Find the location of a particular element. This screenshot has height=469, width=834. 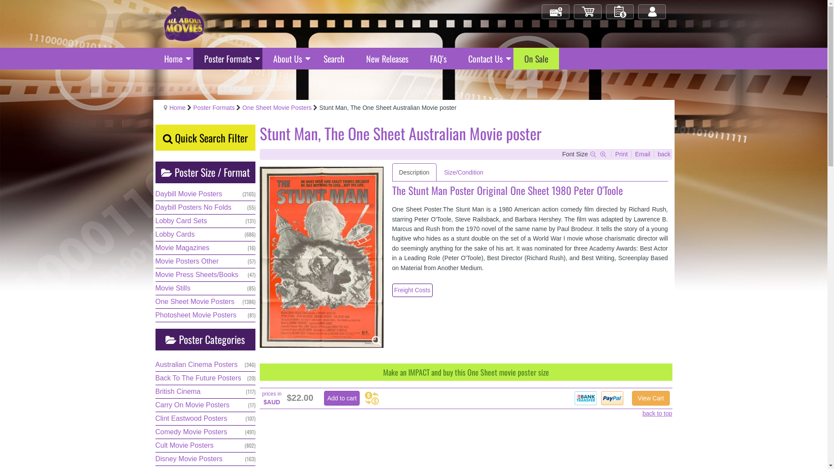

'Movie Posters Other is located at coordinates (205, 261).